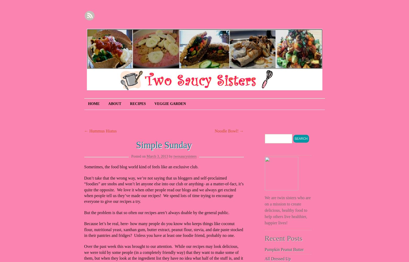 This screenshot has height=262, width=409. I want to click on 'Noodle Bowl!', so click(227, 131).